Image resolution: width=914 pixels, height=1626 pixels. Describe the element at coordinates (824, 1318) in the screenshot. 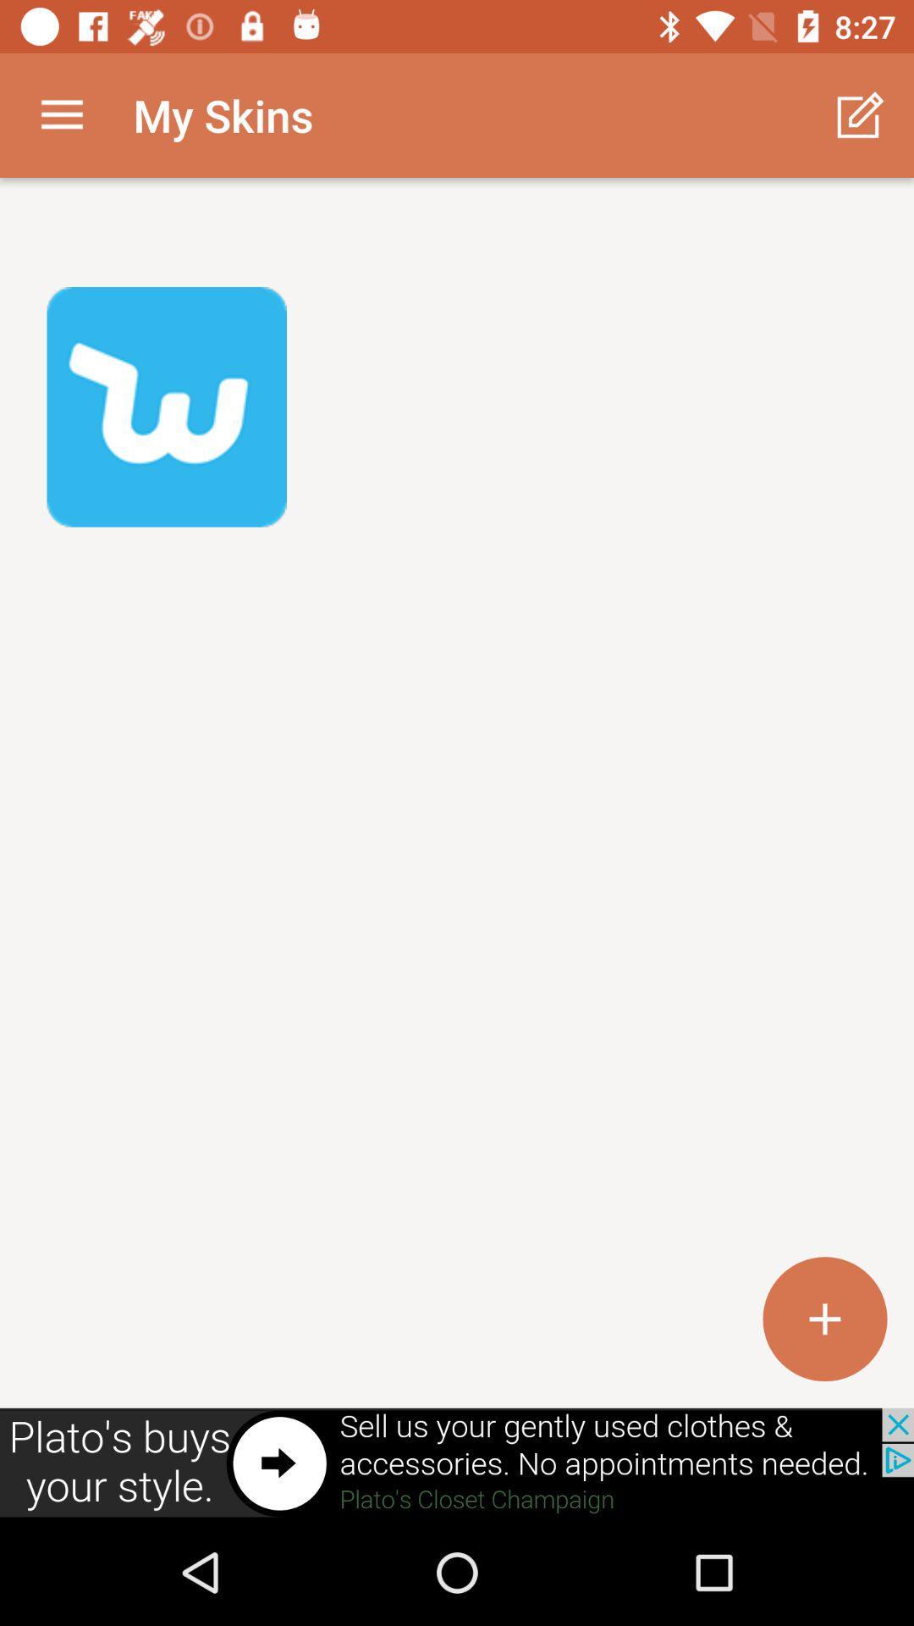

I see `the add icon` at that location.